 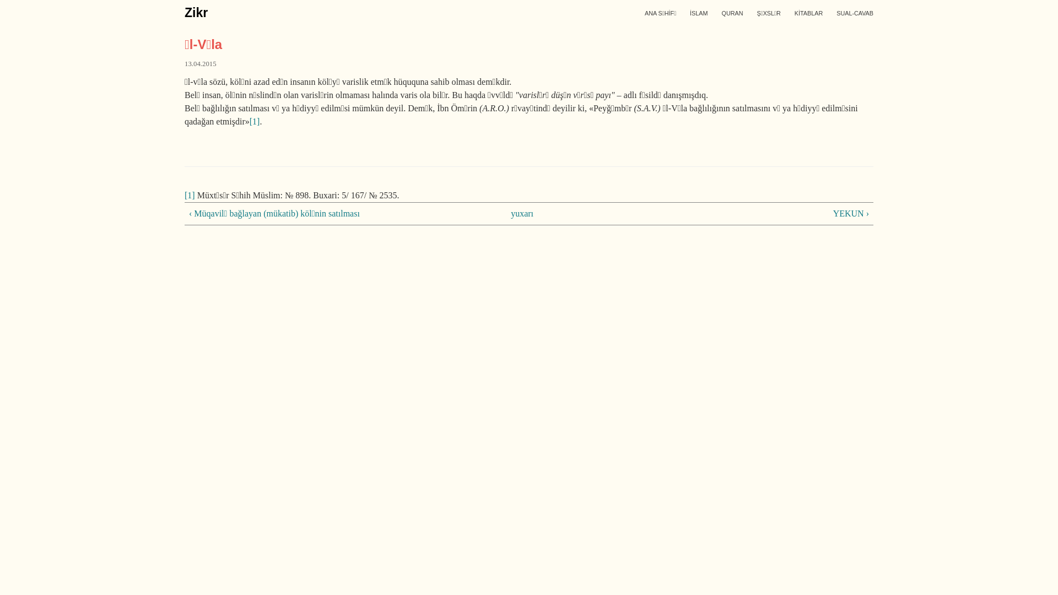 I want to click on 'QURAN', so click(x=721, y=13).